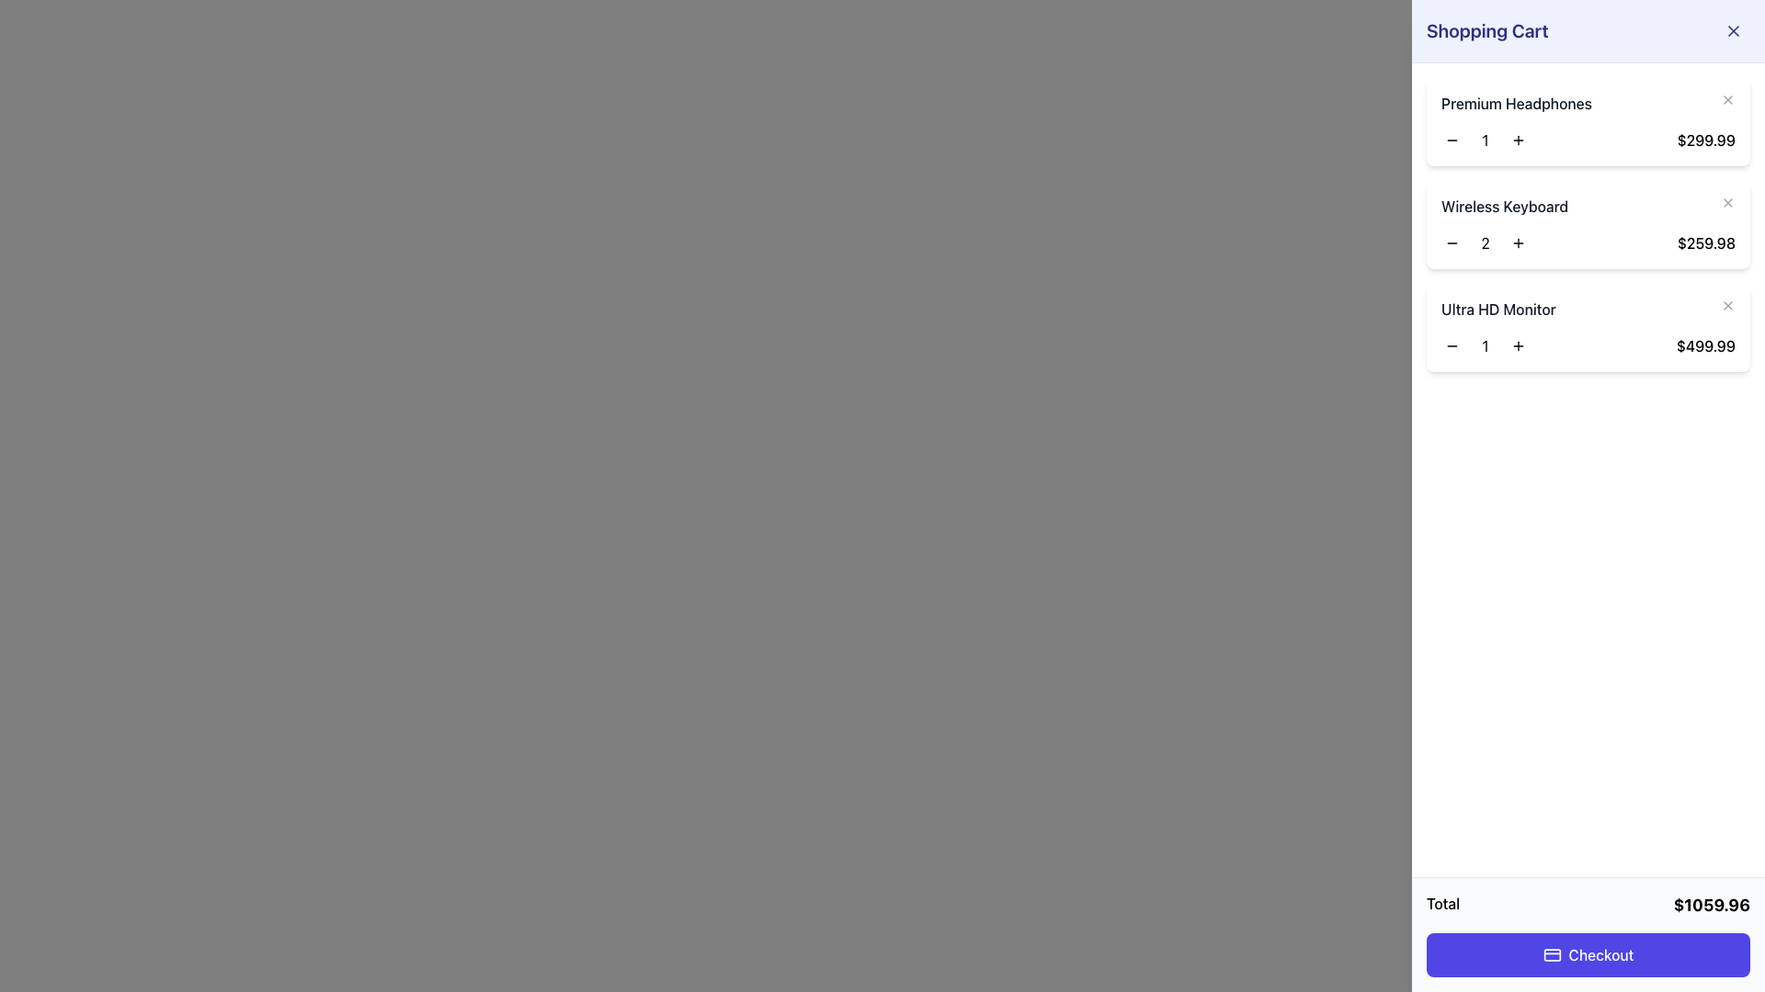 This screenshot has height=992, width=1765. Describe the element at coordinates (1711, 905) in the screenshot. I see `the Text Display that shows the total price of all items in the shopping cart, located at the bottom-right corner beside the label 'Total'` at that location.